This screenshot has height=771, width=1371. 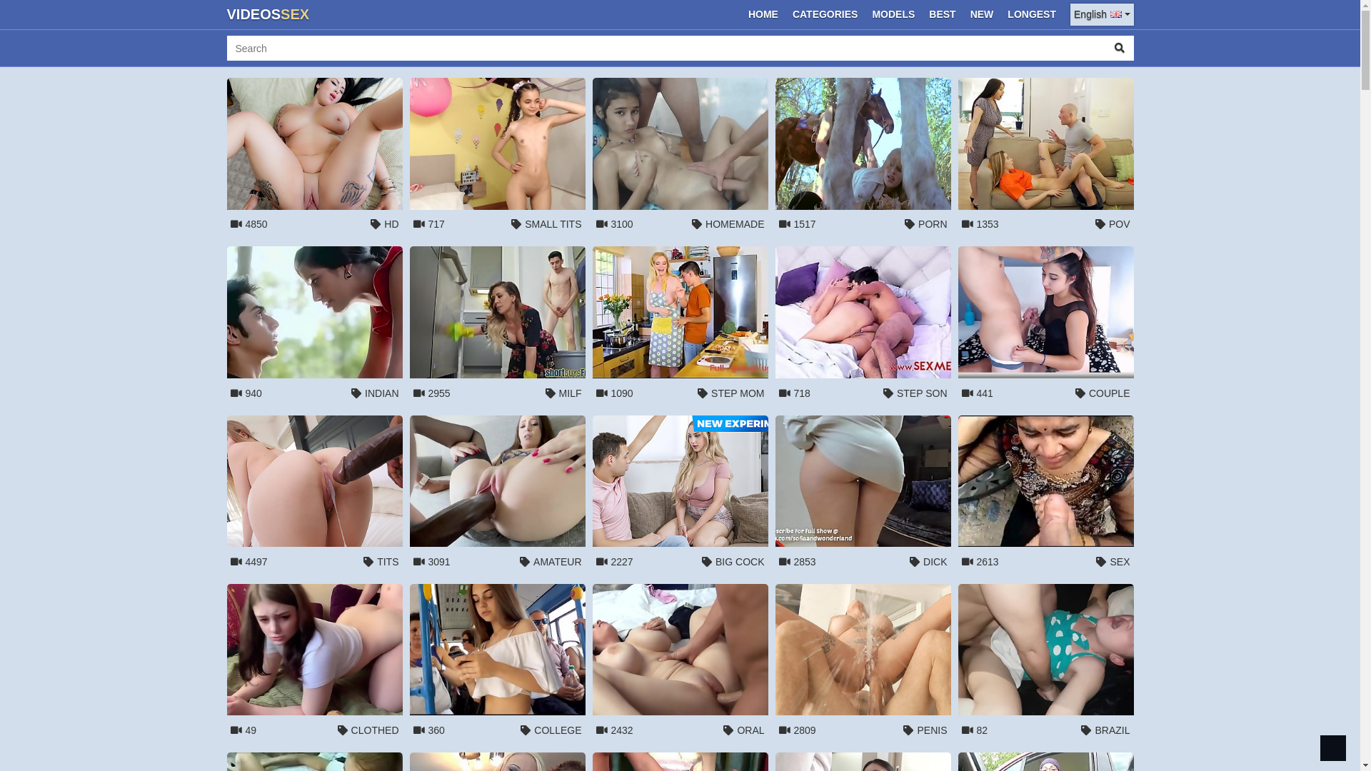 I want to click on 'CATEGORIES', so click(x=825, y=14).